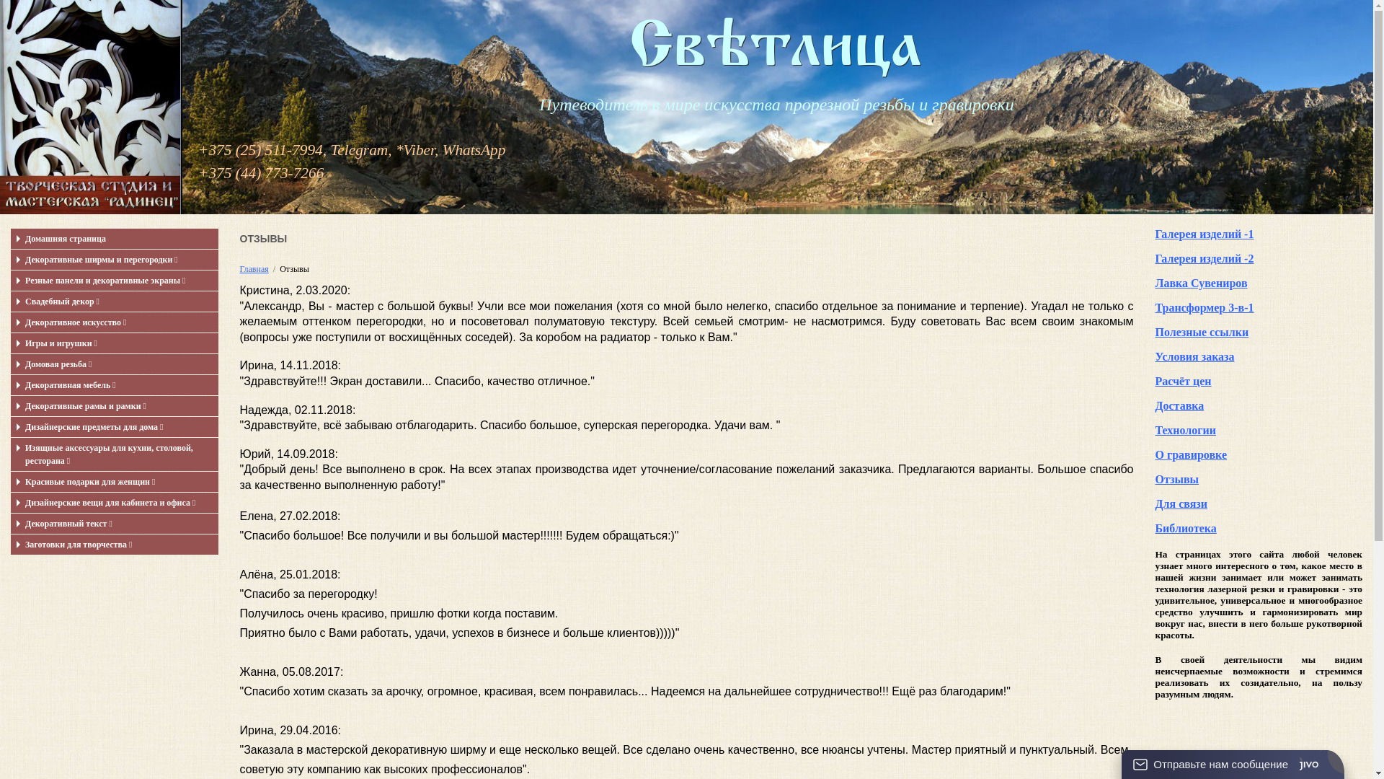 This screenshot has width=1384, height=779. I want to click on '+375 (44) 773-7266', so click(260, 172).